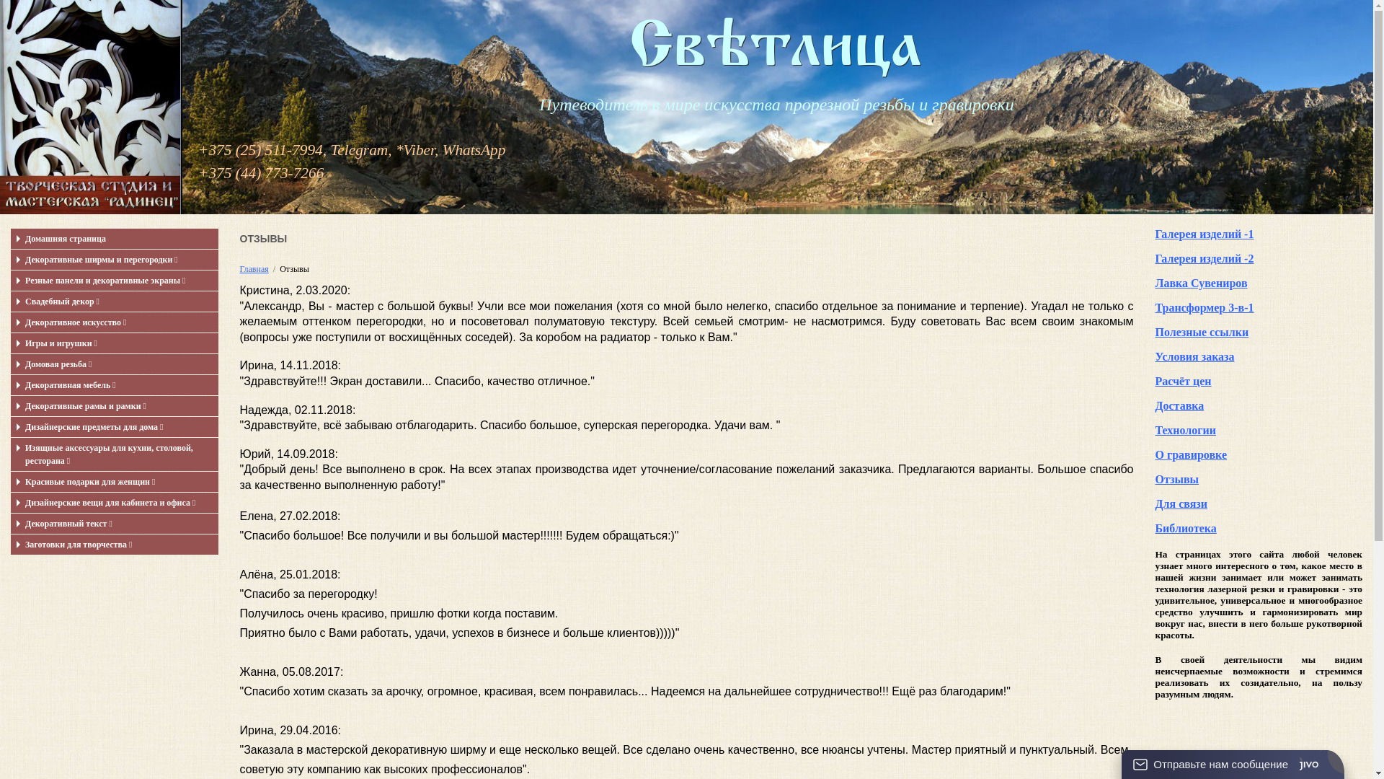 This screenshot has width=1384, height=779. I want to click on '+375 (44) 773-7266', so click(260, 172).